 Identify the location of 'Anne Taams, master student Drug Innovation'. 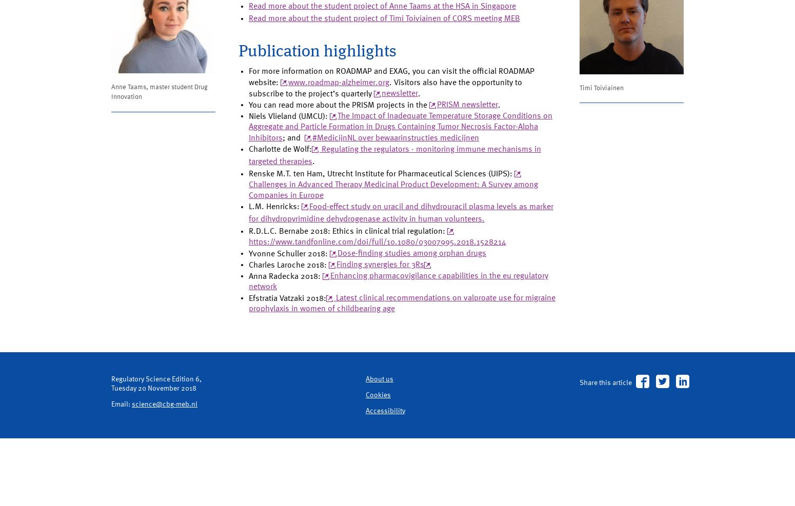
(162, 130).